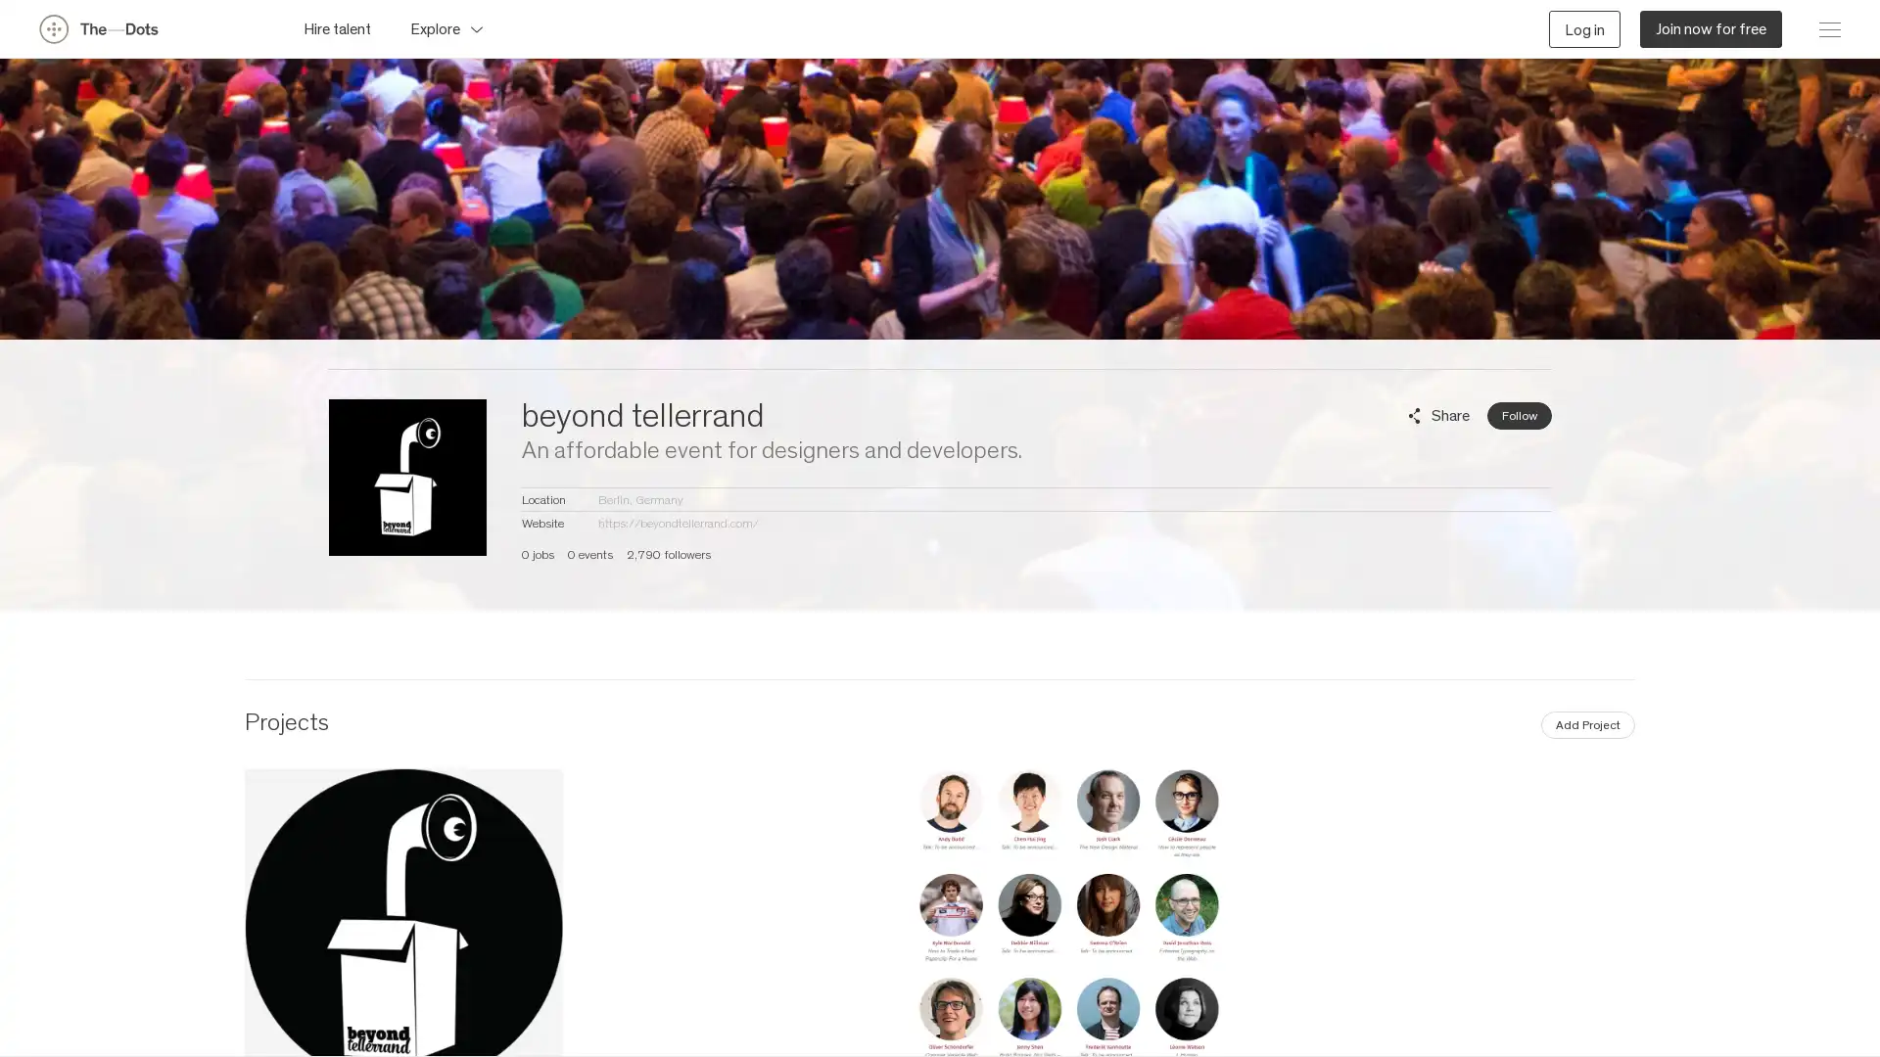  Describe the element at coordinates (1588, 724) in the screenshot. I see `Add Project` at that location.